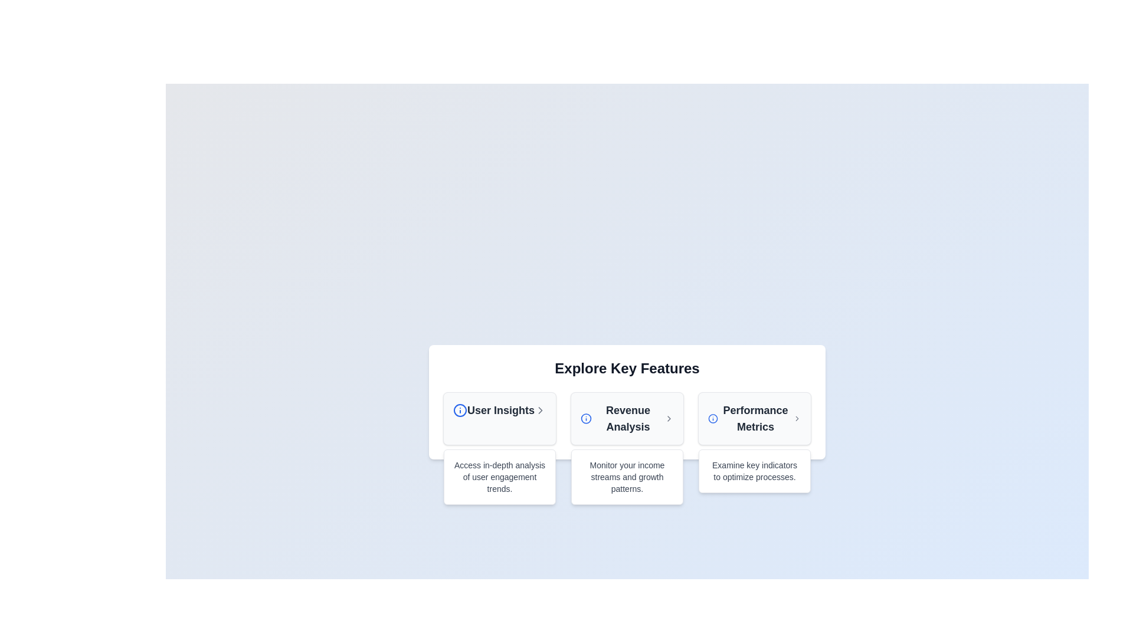 The height and width of the screenshot is (637, 1133). Describe the element at coordinates (797, 418) in the screenshot. I see `the navigation icon located to the right of the 'Performance Metrics' label` at that location.